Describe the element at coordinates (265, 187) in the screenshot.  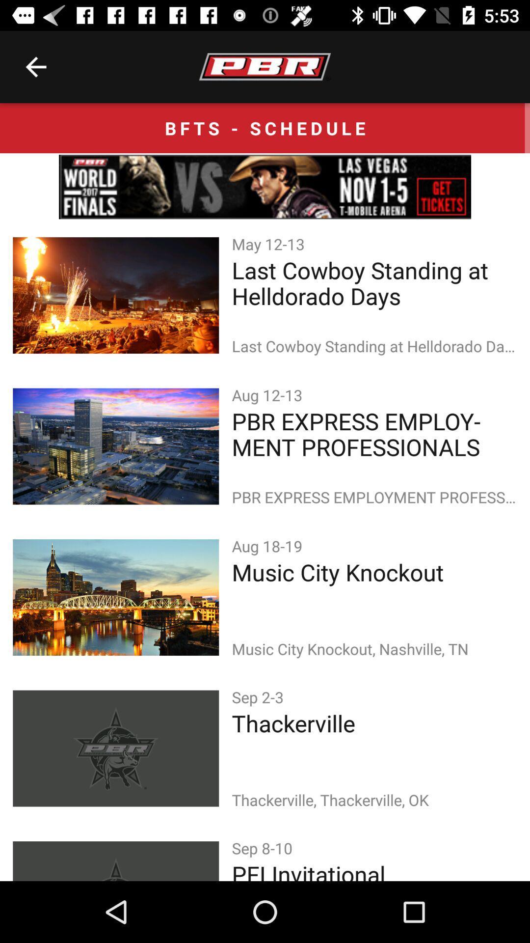
I see `advertisement` at that location.